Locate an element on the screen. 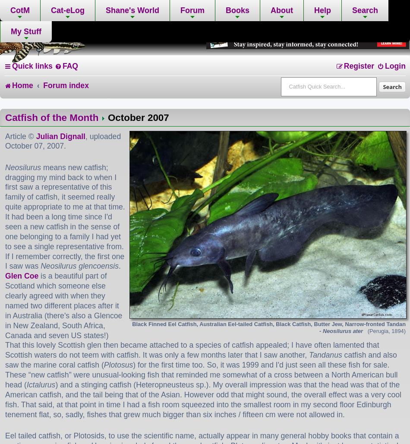 This screenshot has width=410, height=444. 'Forum' is located at coordinates (191, 10).